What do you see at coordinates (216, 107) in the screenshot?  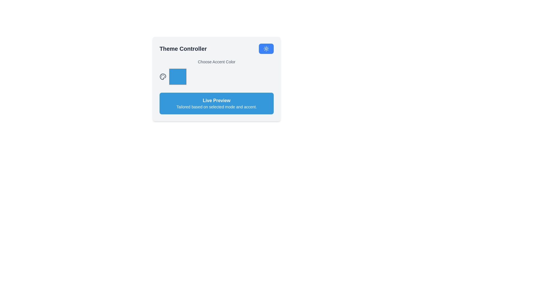 I see `the Text Label that reads 'Tailored based on selected mode and accent', which is located below the 'Live Preview' text within a rounded blue rectangle` at bounding box center [216, 107].